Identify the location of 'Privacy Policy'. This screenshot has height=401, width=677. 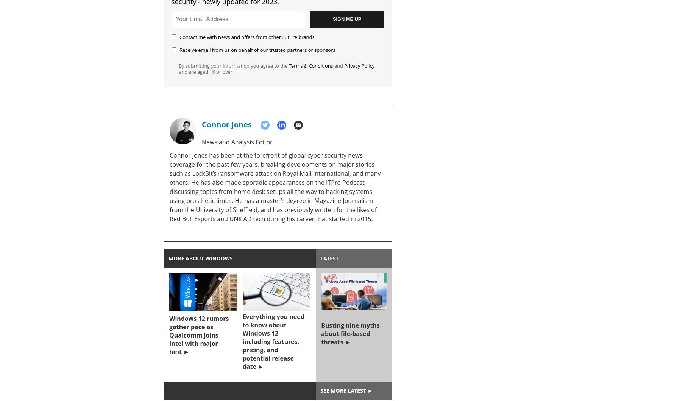
(359, 65).